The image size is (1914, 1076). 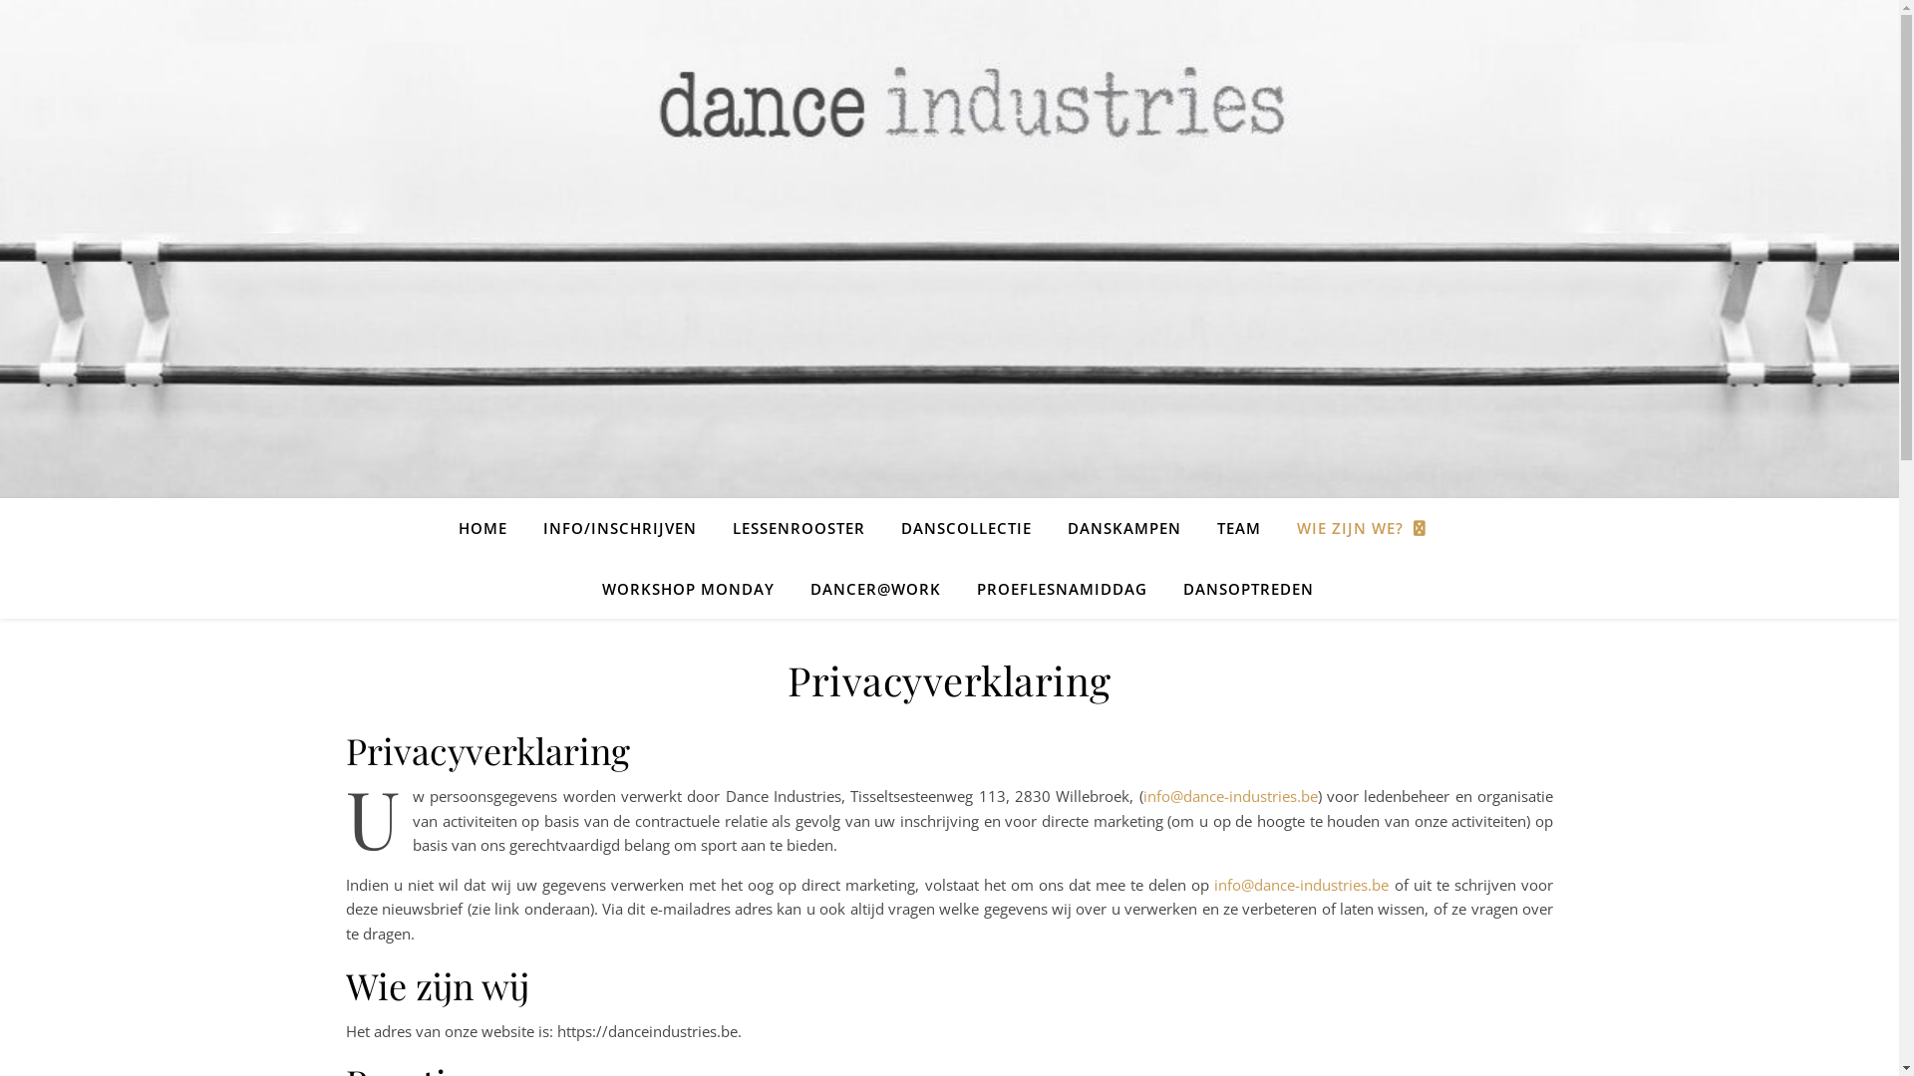 I want to click on 'DANSOPTREDEN', so click(x=1166, y=587).